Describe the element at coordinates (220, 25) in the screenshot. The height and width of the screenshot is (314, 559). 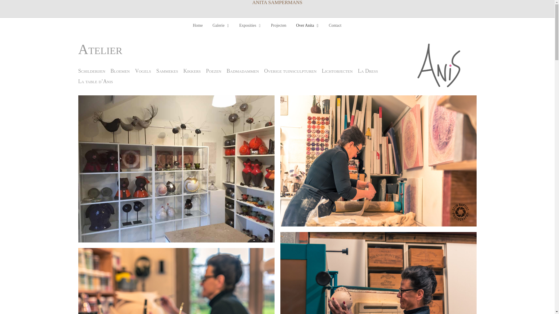
I see `'Galerie'` at that location.